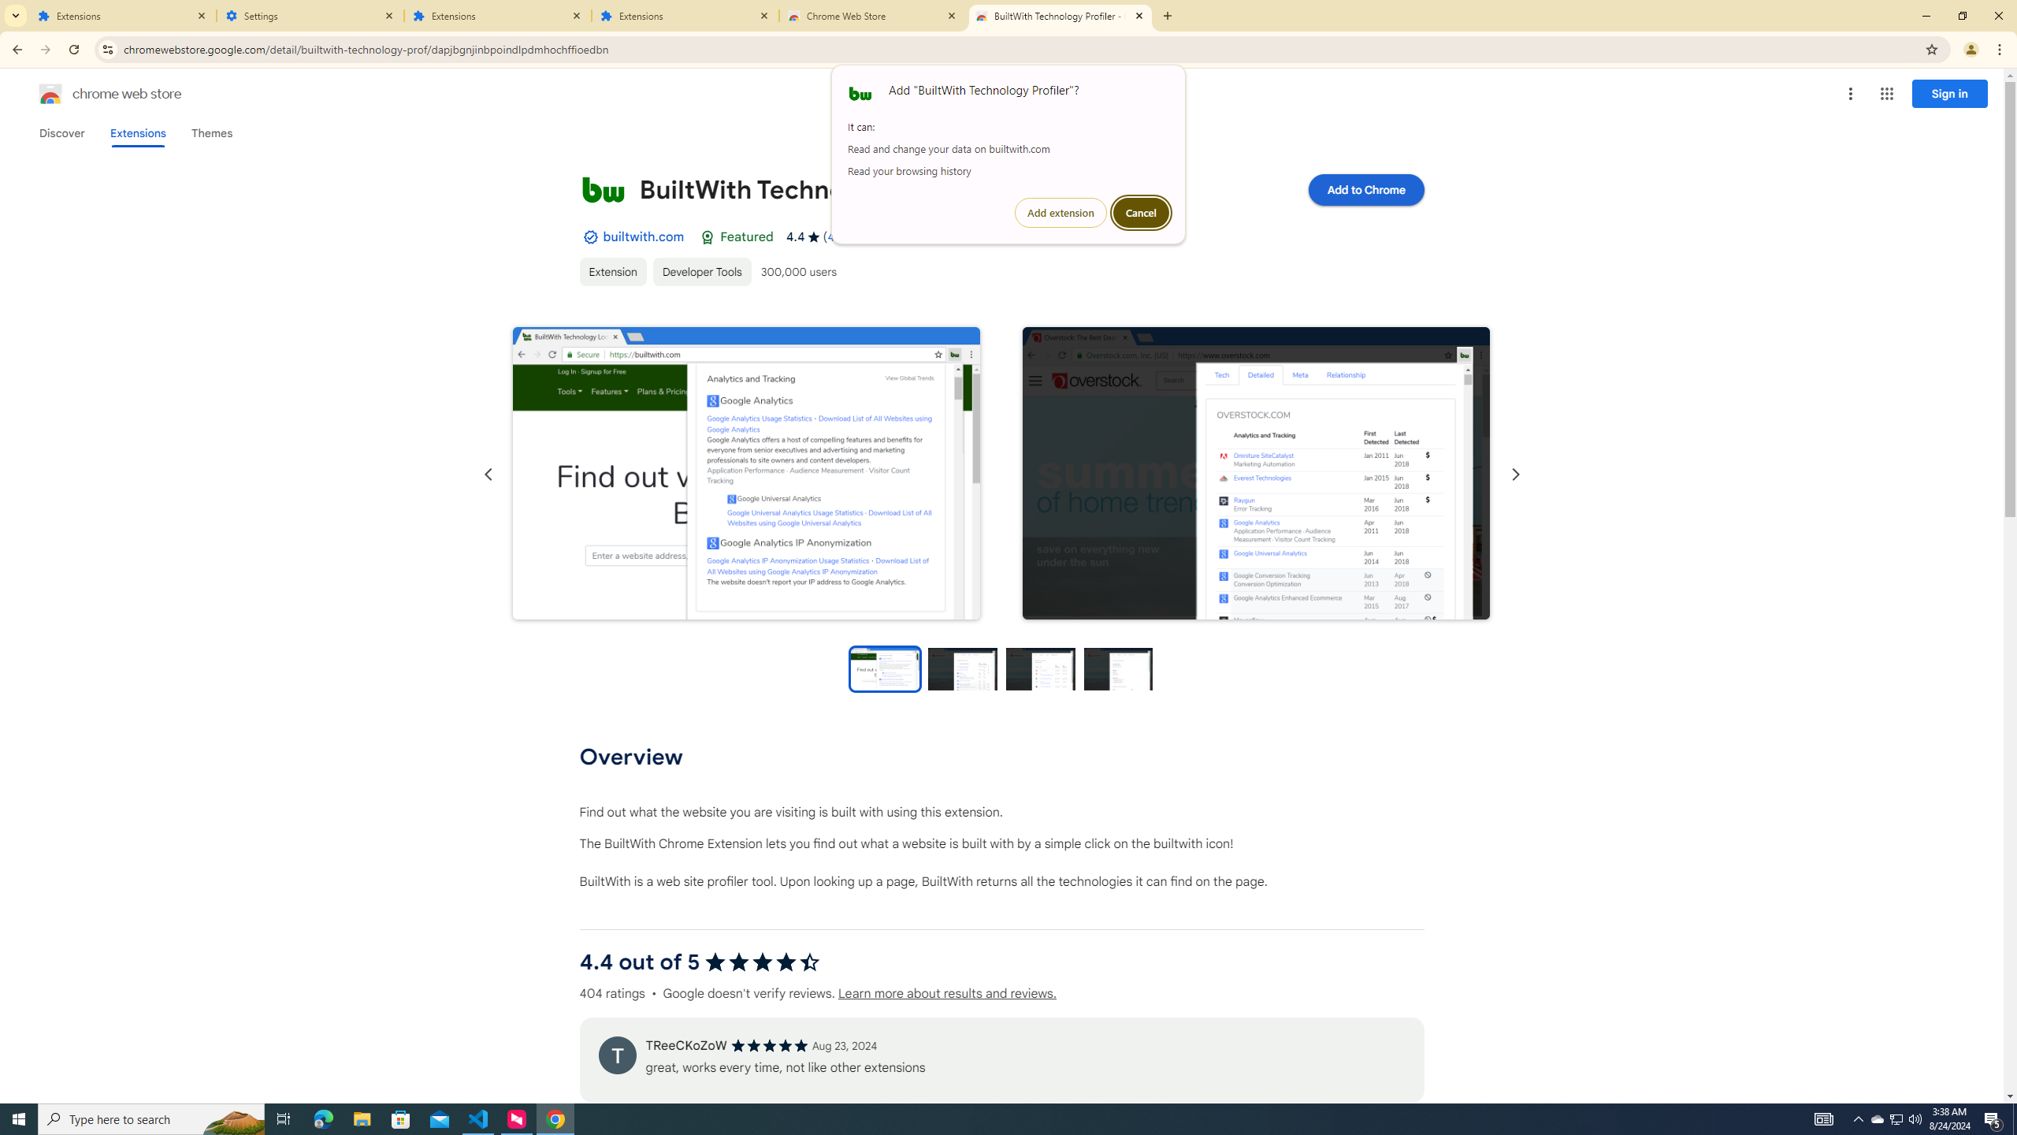 The image size is (2017, 1135). What do you see at coordinates (707, 236) in the screenshot?
I see `'Featured Badge'` at bounding box center [707, 236].